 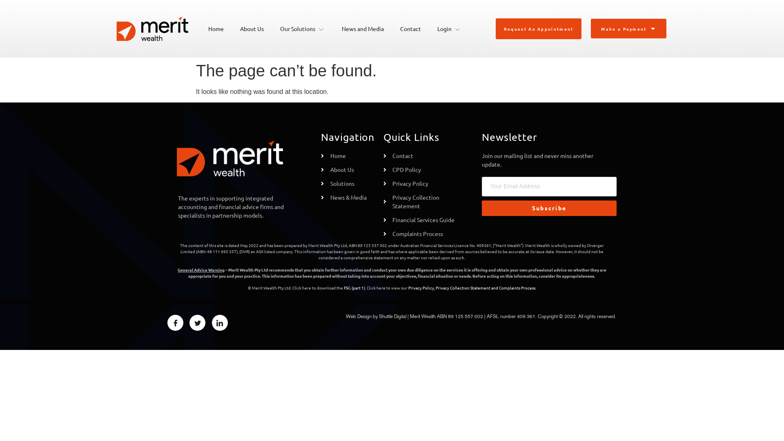 I want to click on 'Privacy Policy', so click(x=422, y=183).